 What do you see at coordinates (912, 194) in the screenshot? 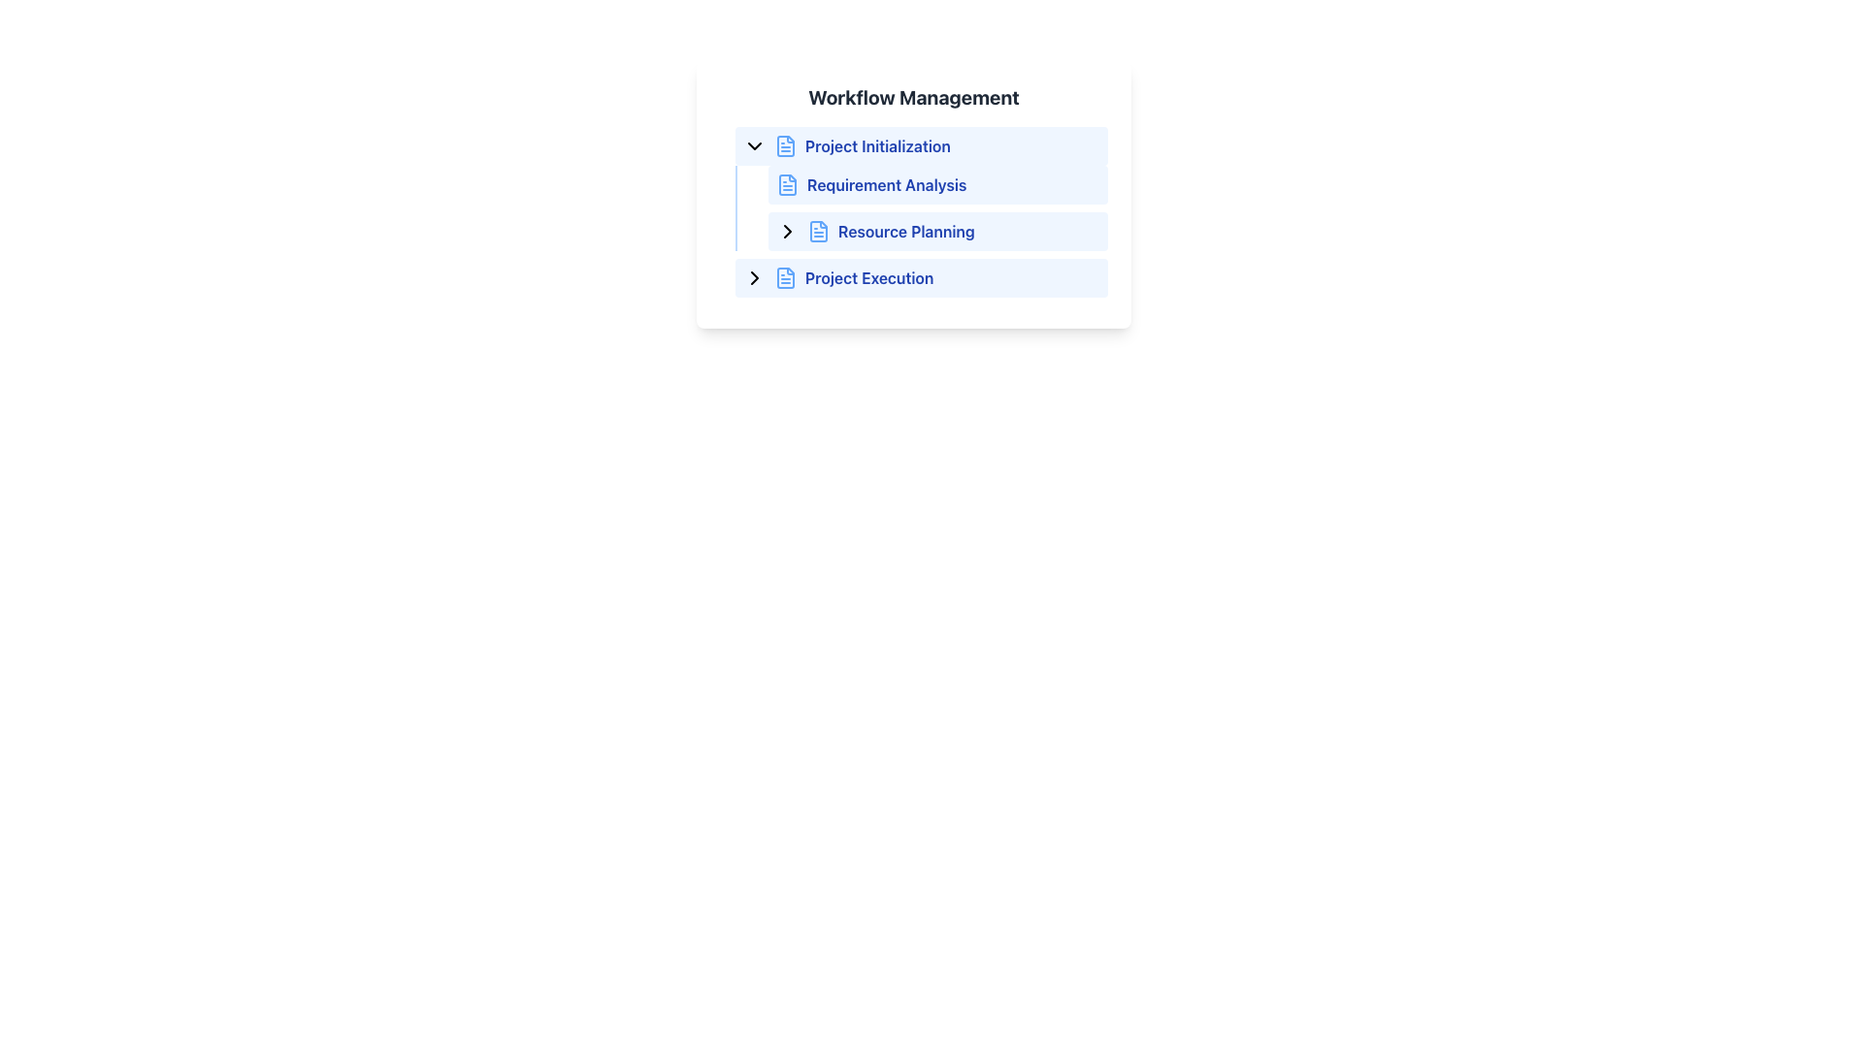
I see `the 'Requirement Analysis' text label with icon, which is the second item in the workflow management list, positioned below 'Project Initialization'` at bounding box center [912, 194].